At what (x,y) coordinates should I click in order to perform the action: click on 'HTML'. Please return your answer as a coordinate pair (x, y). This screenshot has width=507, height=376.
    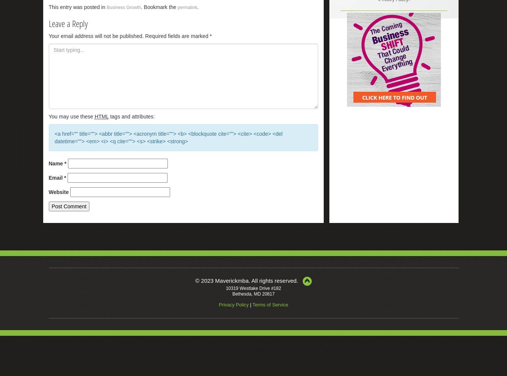
    Looking at the image, I should click on (101, 117).